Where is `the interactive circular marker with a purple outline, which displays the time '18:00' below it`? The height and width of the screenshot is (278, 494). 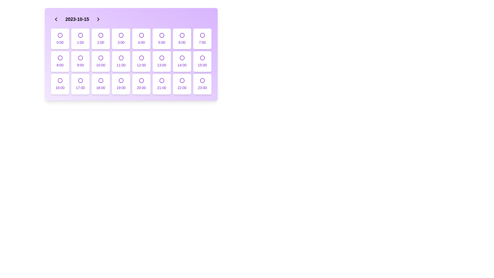 the interactive circular marker with a purple outline, which displays the time '18:00' below it is located at coordinates (101, 80).